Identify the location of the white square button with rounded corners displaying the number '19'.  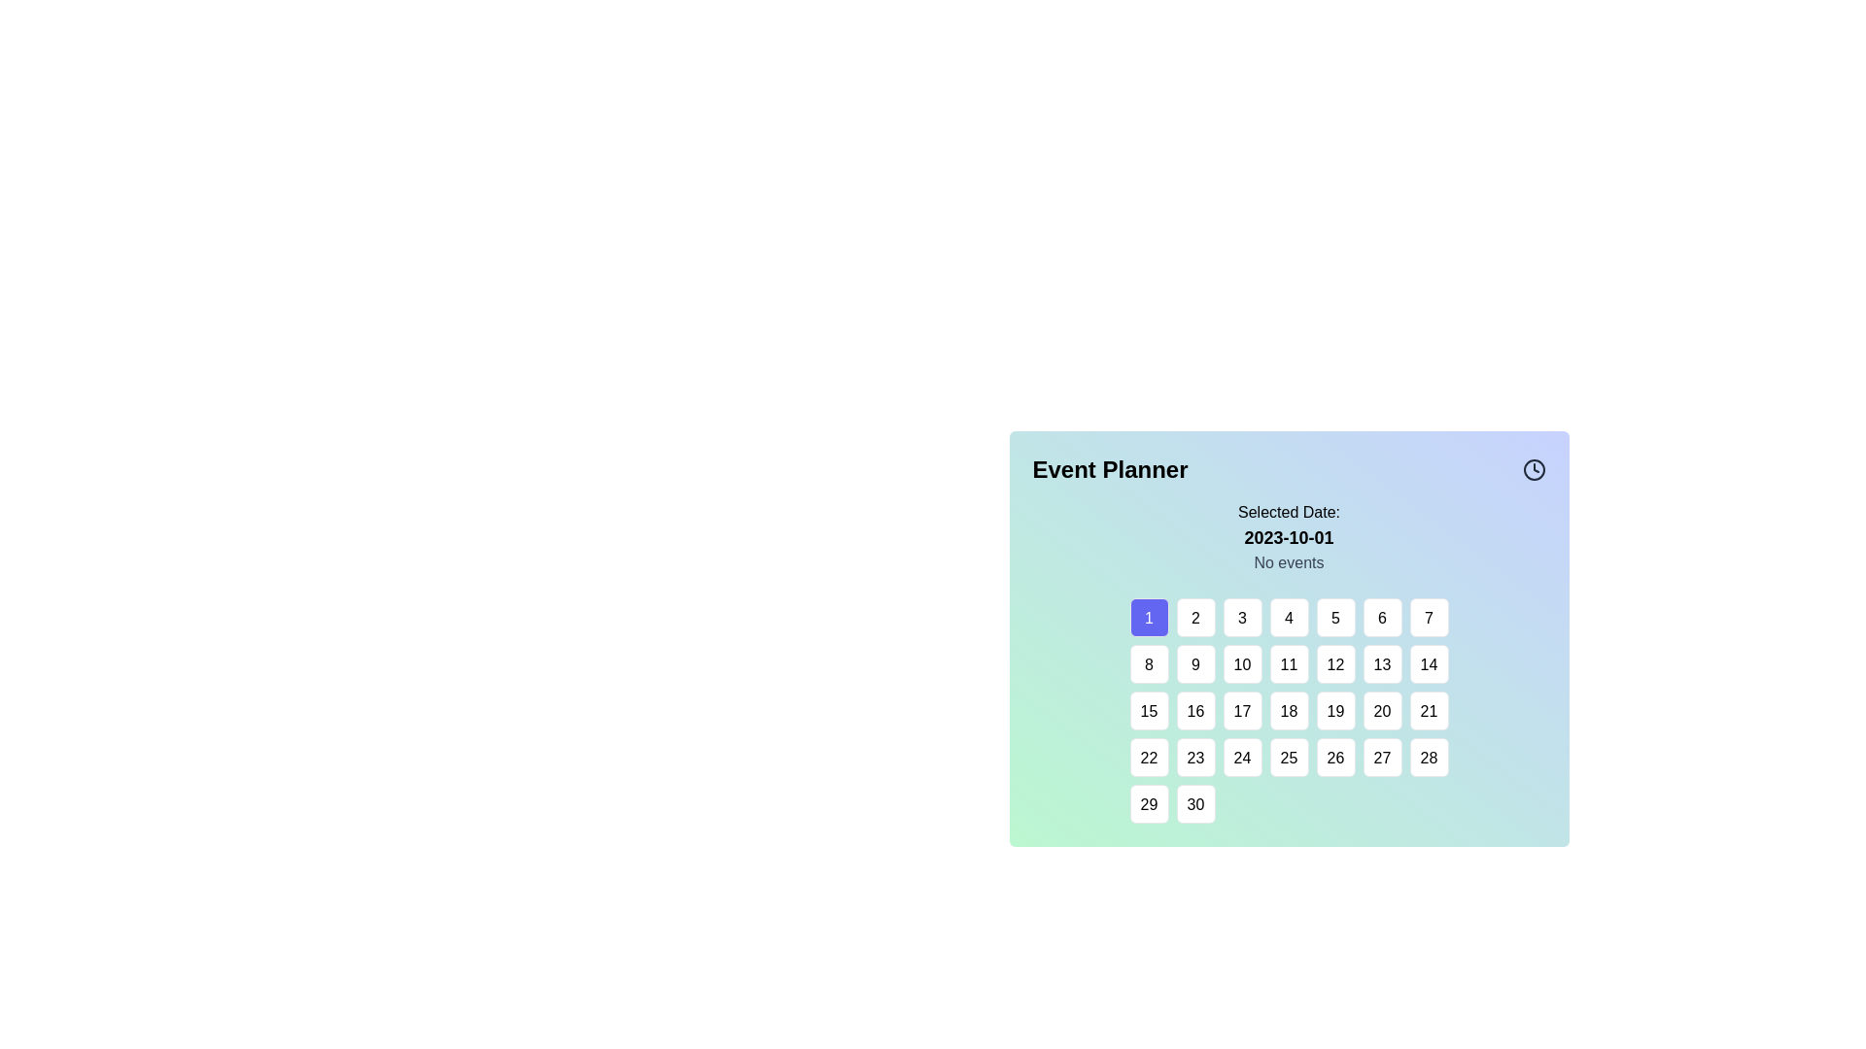
(1334, 711).